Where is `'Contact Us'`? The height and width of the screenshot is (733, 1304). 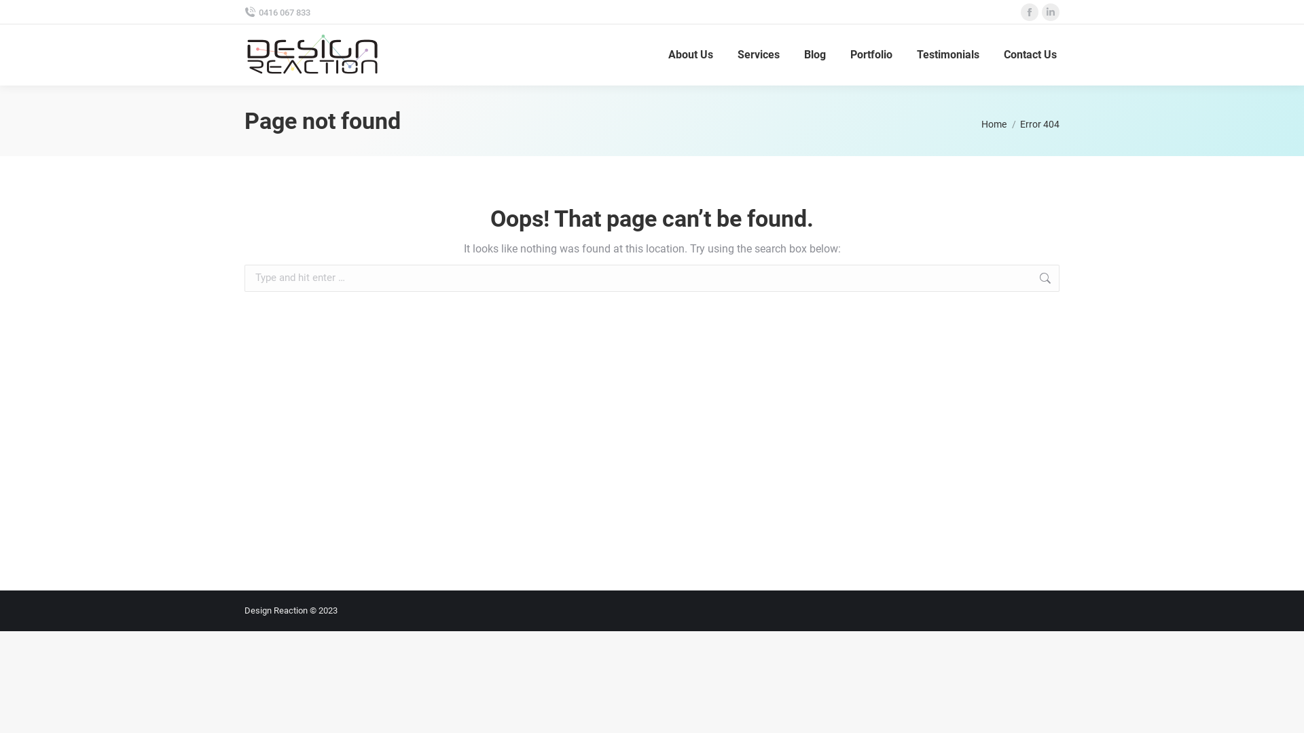 'Contact Us' is located at coordinates (1030, 54).